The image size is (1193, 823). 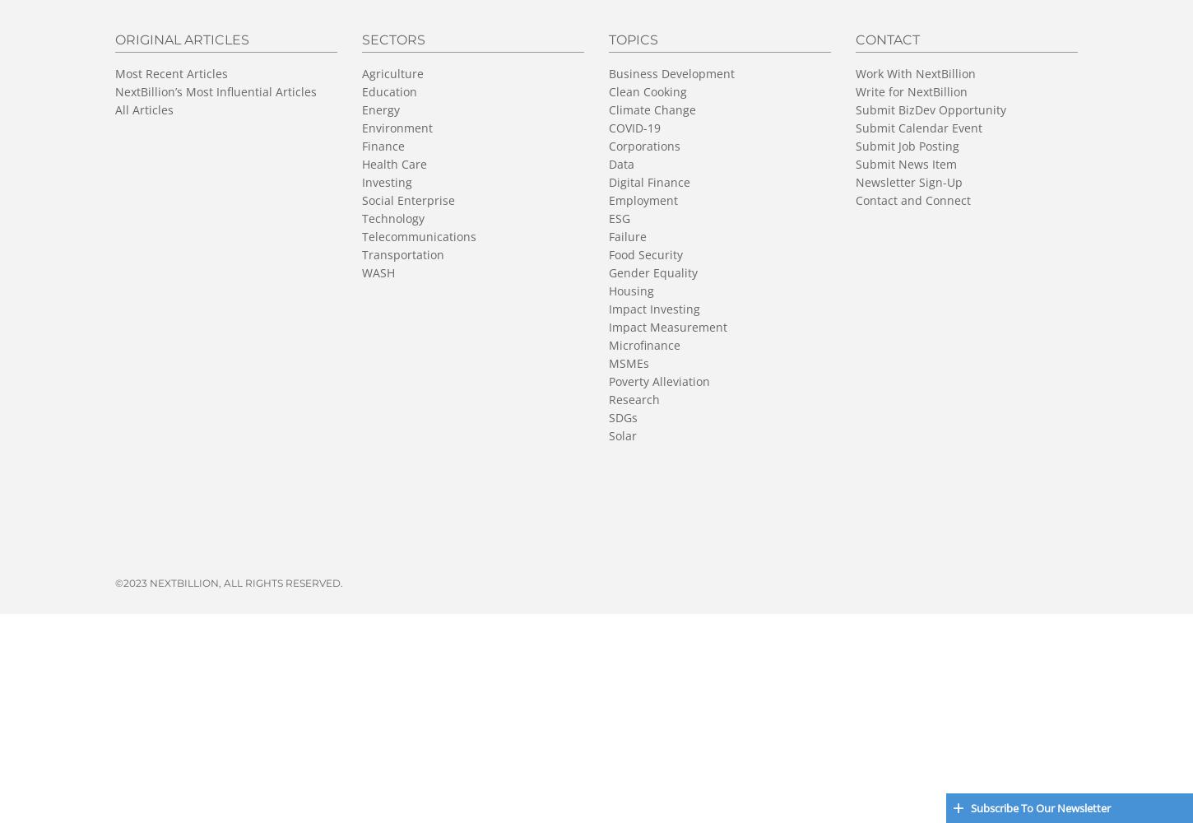 What do you see at coordinates (143, 109) in the screenshot?
I see `'All Articles'` at bounding box center [143, 109].